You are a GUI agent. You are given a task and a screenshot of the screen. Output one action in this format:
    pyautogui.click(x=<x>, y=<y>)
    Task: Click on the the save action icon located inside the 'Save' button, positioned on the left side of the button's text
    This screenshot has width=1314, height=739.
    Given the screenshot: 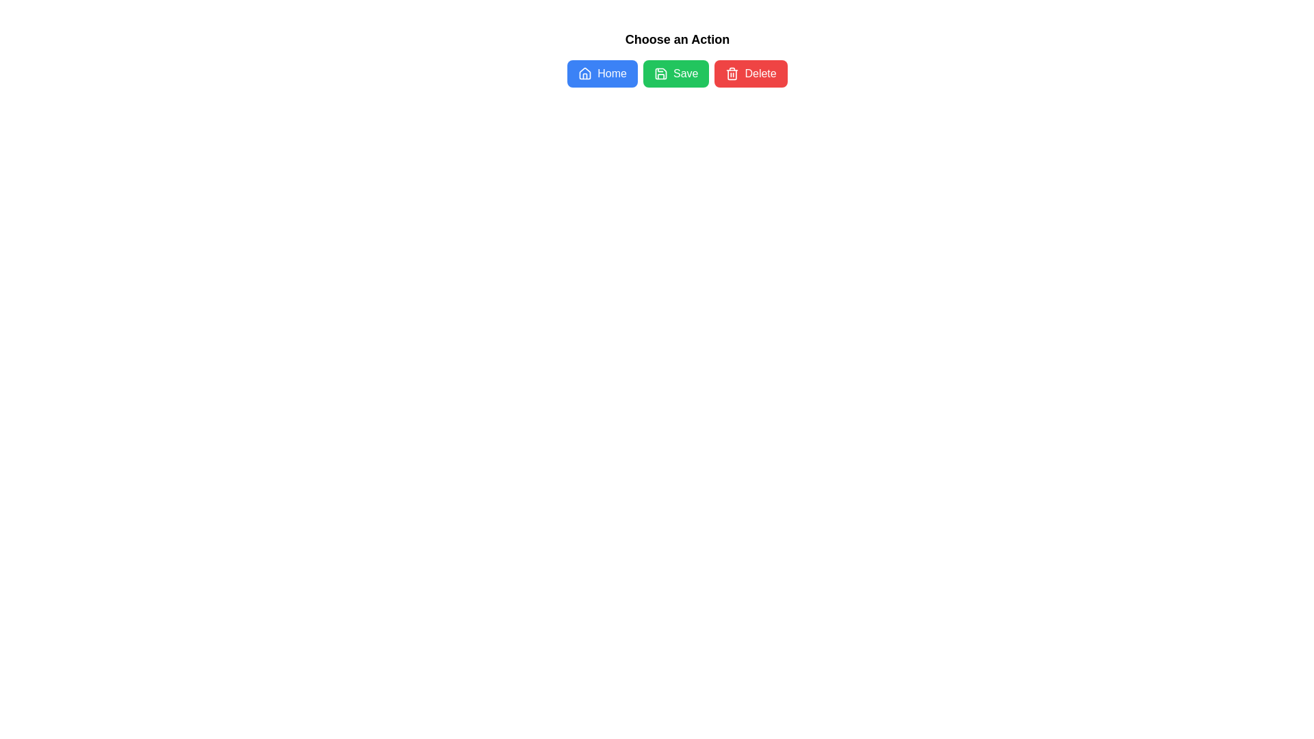 What is the action you would take?
    pyautogui.click(x=660, y=74)
    